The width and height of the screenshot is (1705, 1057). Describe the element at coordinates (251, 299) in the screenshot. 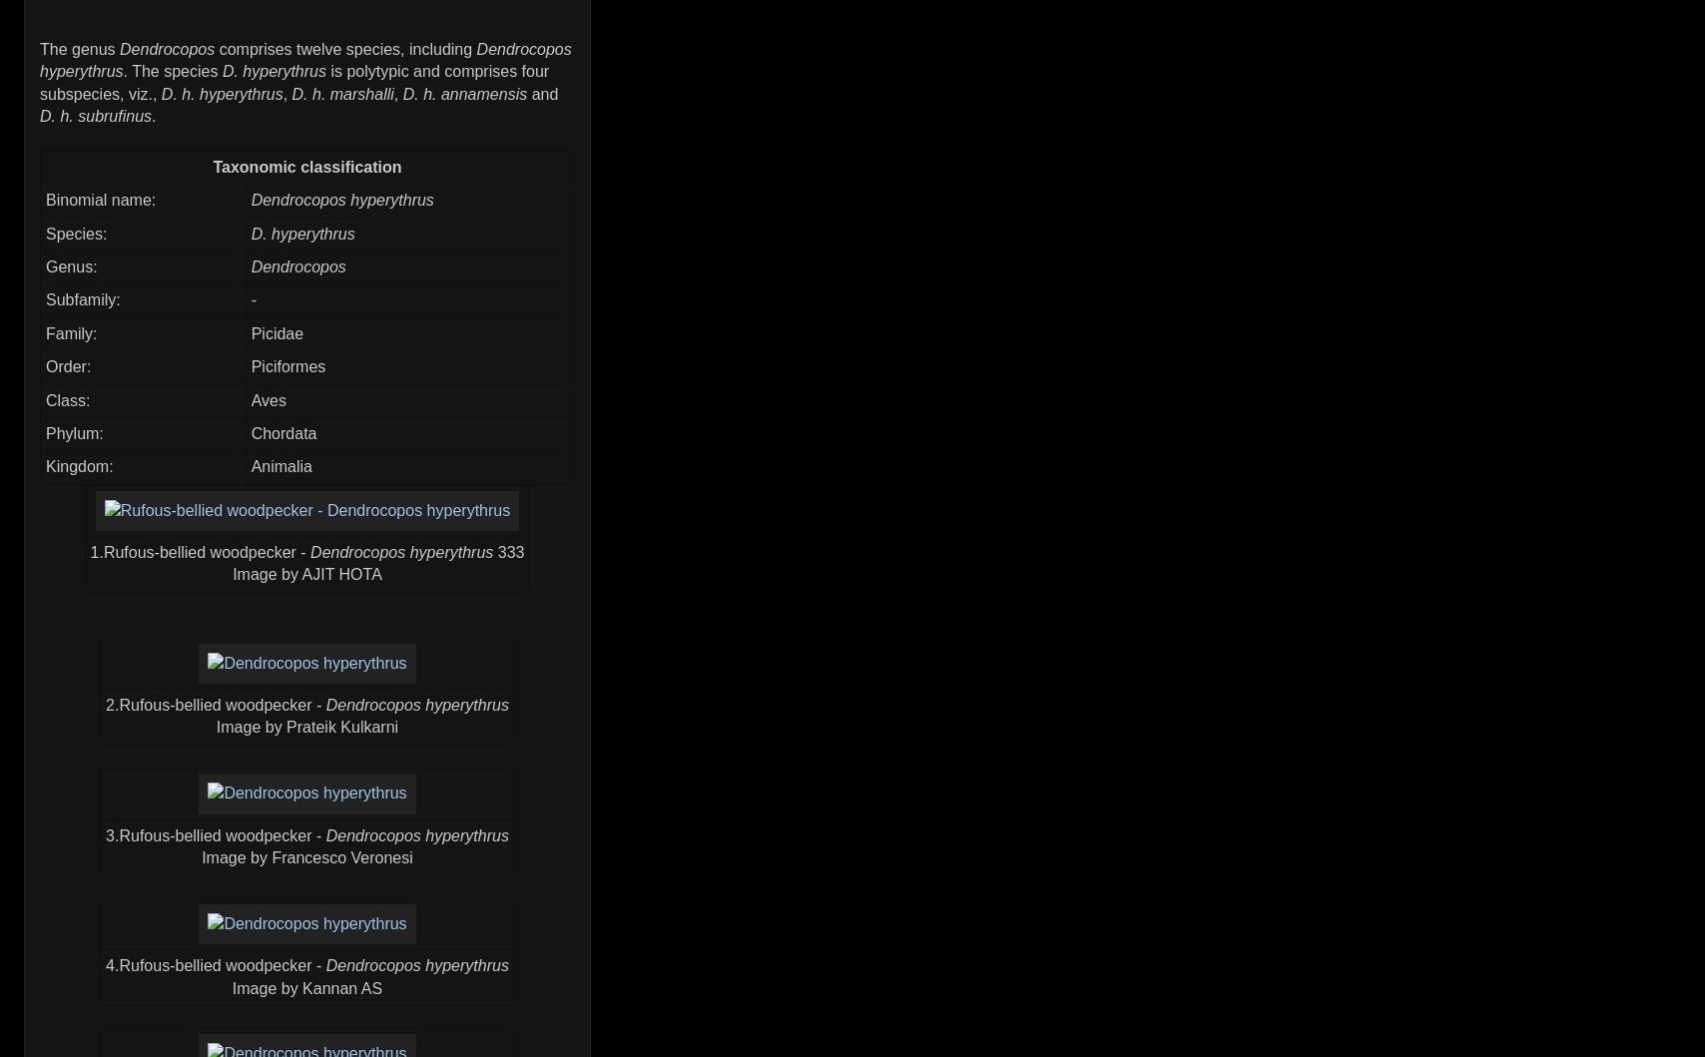

I see `'-'` at that location.